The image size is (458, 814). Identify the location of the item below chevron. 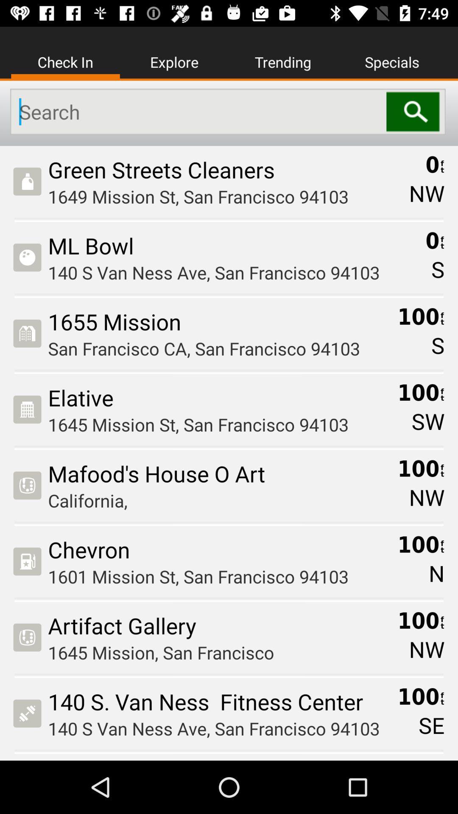
(219, 576).